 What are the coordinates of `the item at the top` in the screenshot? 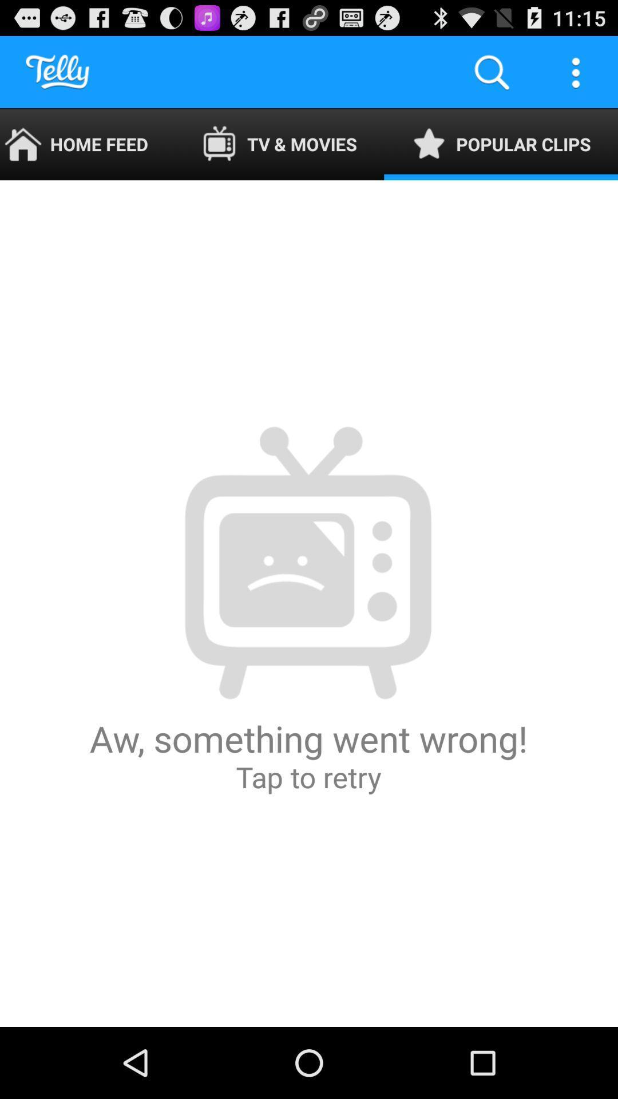 It's located at (279, 144).